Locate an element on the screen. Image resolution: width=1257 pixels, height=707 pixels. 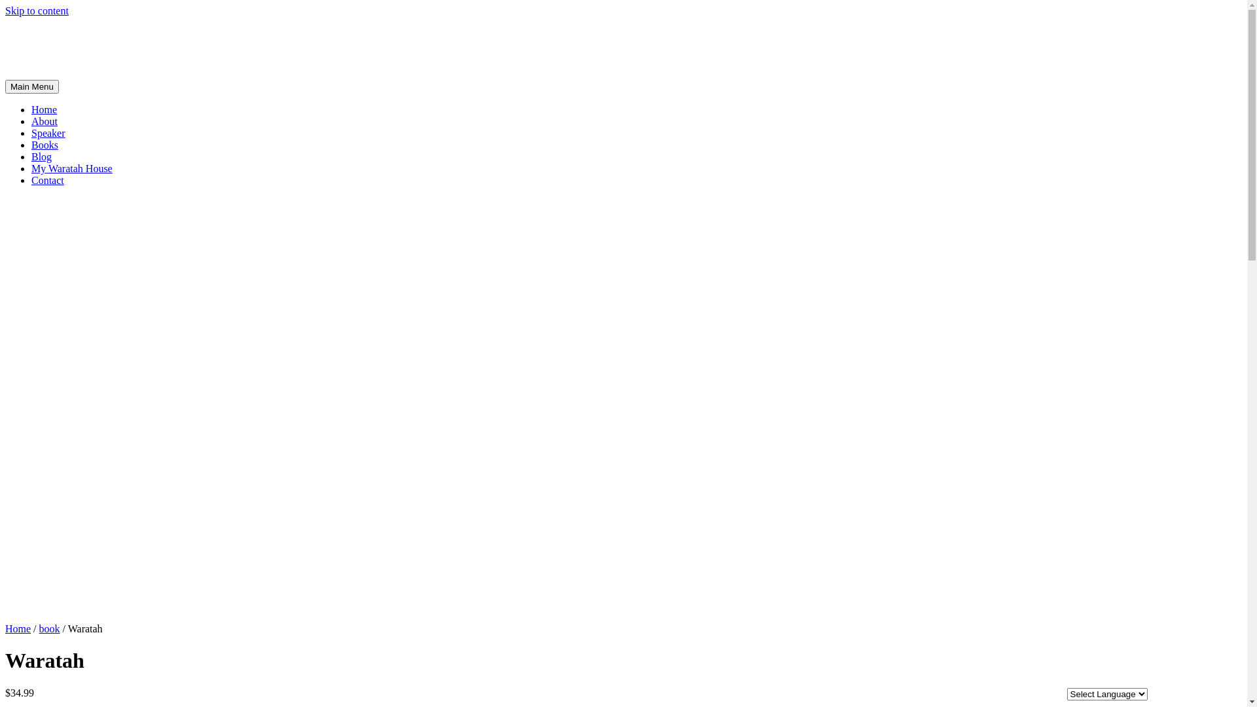
'My Waratah House' is located at coordinates (71, 168).